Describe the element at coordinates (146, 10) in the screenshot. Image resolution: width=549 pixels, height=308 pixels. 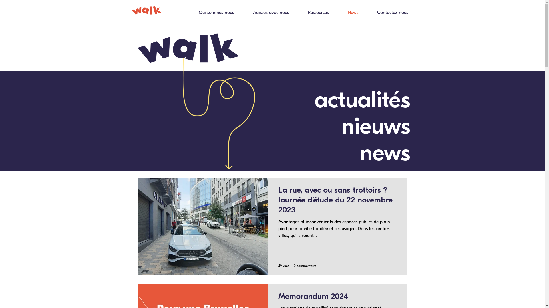
I see `'Walk_orange.png'` at that location.